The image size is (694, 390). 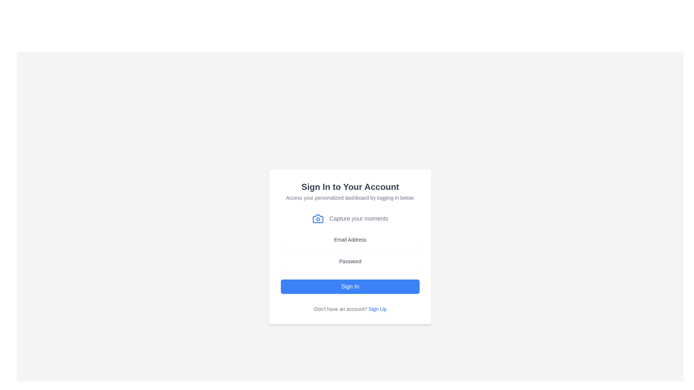 I want to click on the 'Email Address' text label, which is styled in medium-sized gray font and positioned above the email input field in the form layout, so click(x=350, y=244).